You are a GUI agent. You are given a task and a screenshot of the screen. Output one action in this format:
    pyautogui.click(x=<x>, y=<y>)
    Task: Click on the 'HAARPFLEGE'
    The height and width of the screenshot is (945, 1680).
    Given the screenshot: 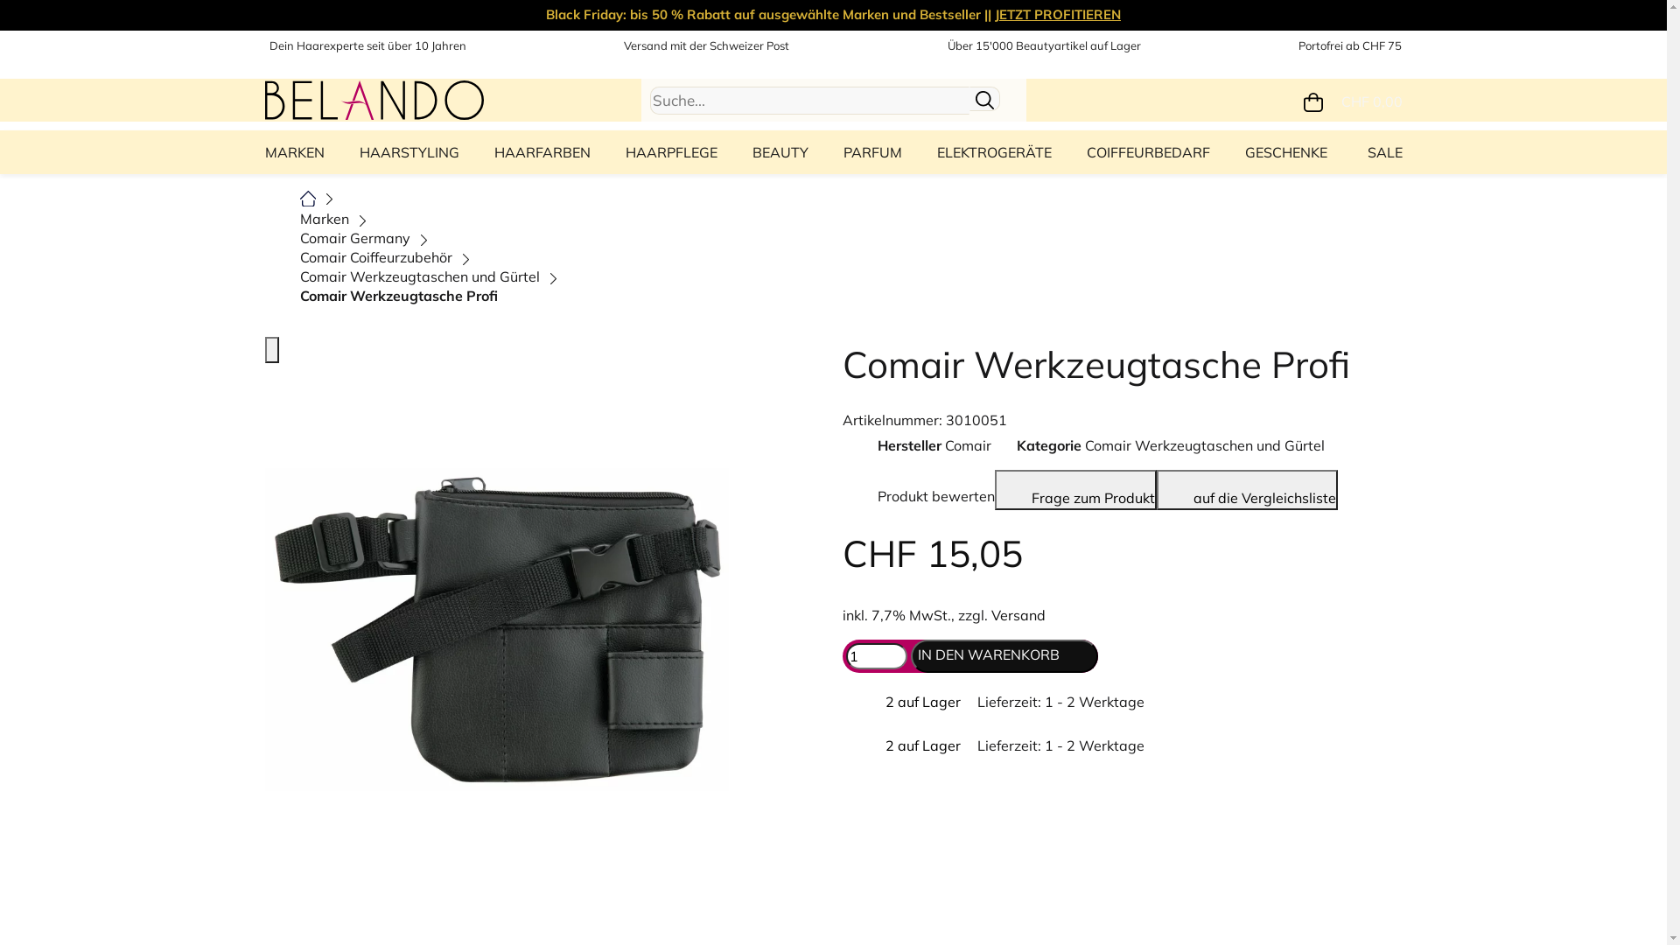 What is the action you would take?
    pyautogui.click(x=669, y=150)
    